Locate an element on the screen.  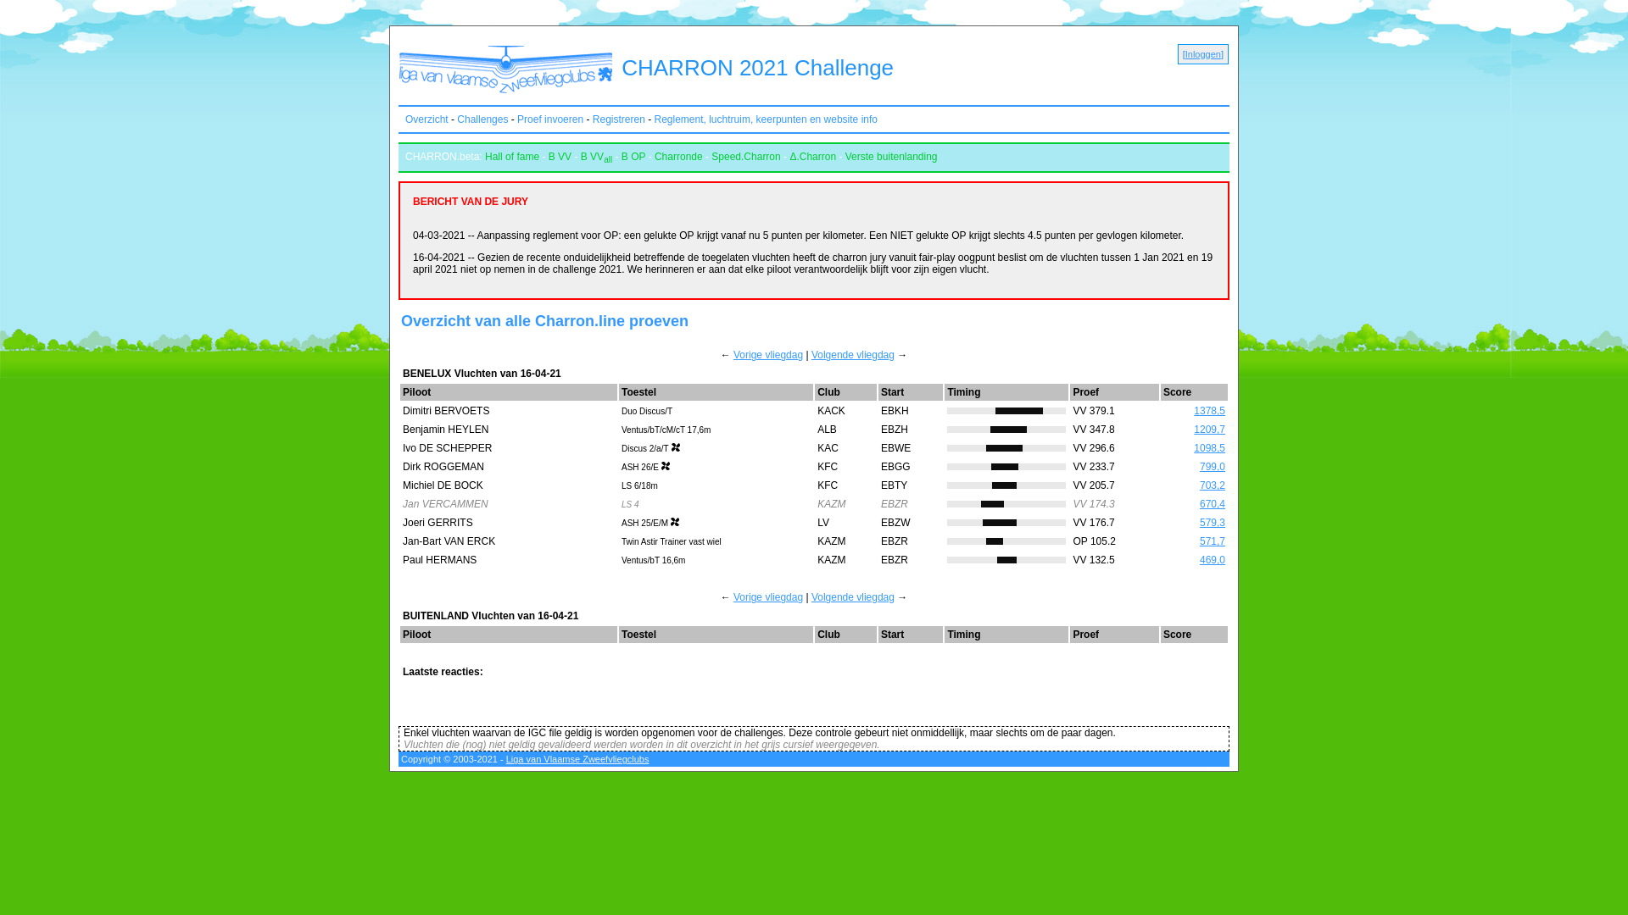
'Begin tijdsbalk: 6:00 UTC, Einde tijdsbalk: 20:00 UTC' is located at coordinates (1006, 467).